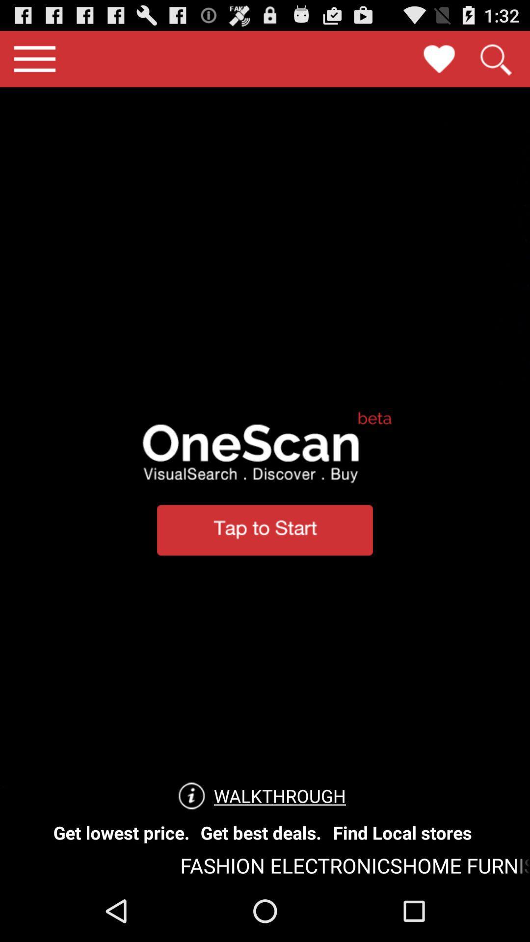 This screenshot has height=942, width=530. I want to click on item at the top left corner, so click(34, 58).